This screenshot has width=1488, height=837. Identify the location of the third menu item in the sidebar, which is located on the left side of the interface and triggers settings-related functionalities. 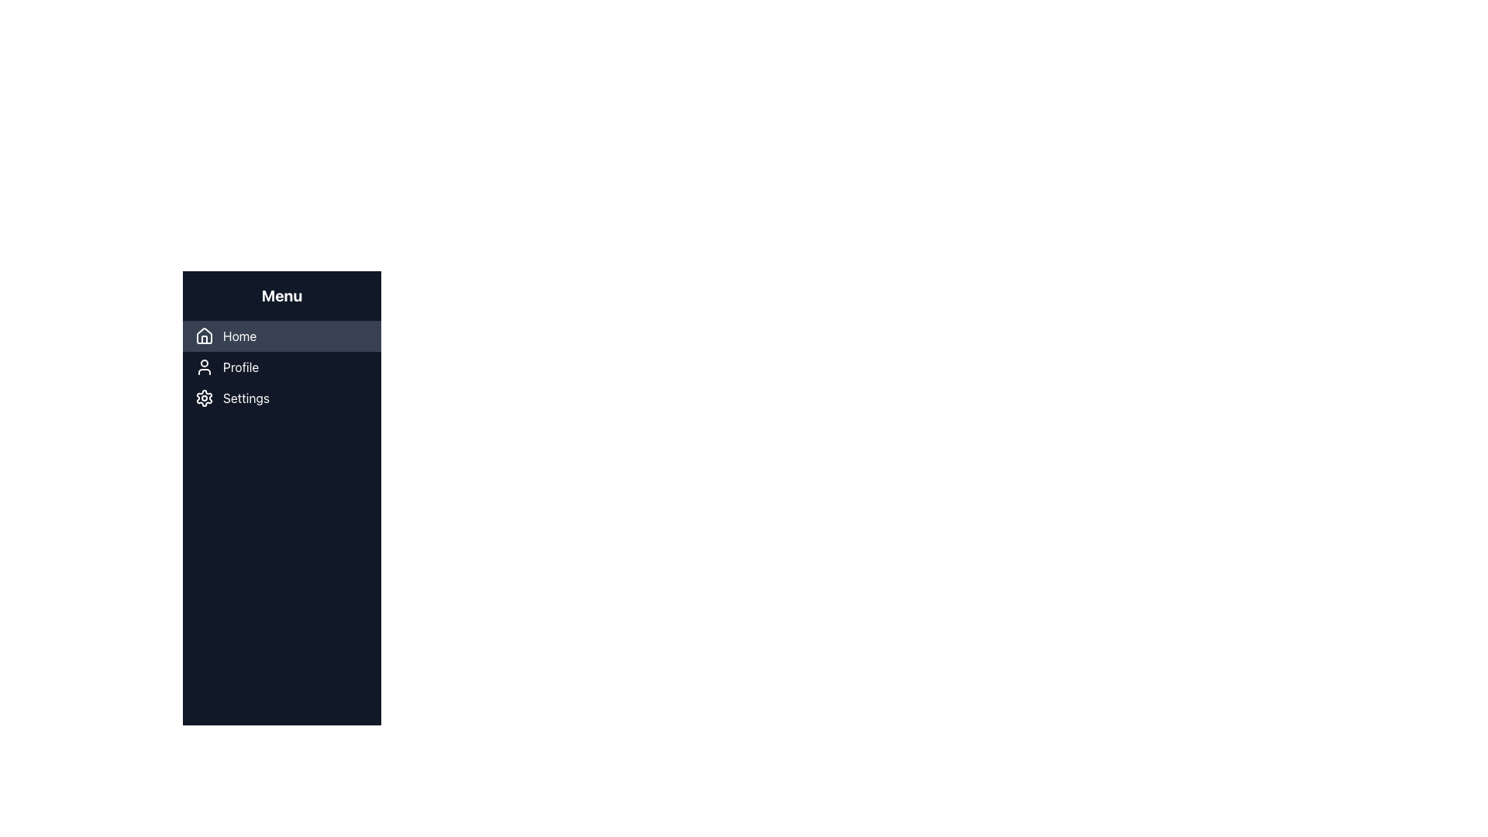
(282, 397).